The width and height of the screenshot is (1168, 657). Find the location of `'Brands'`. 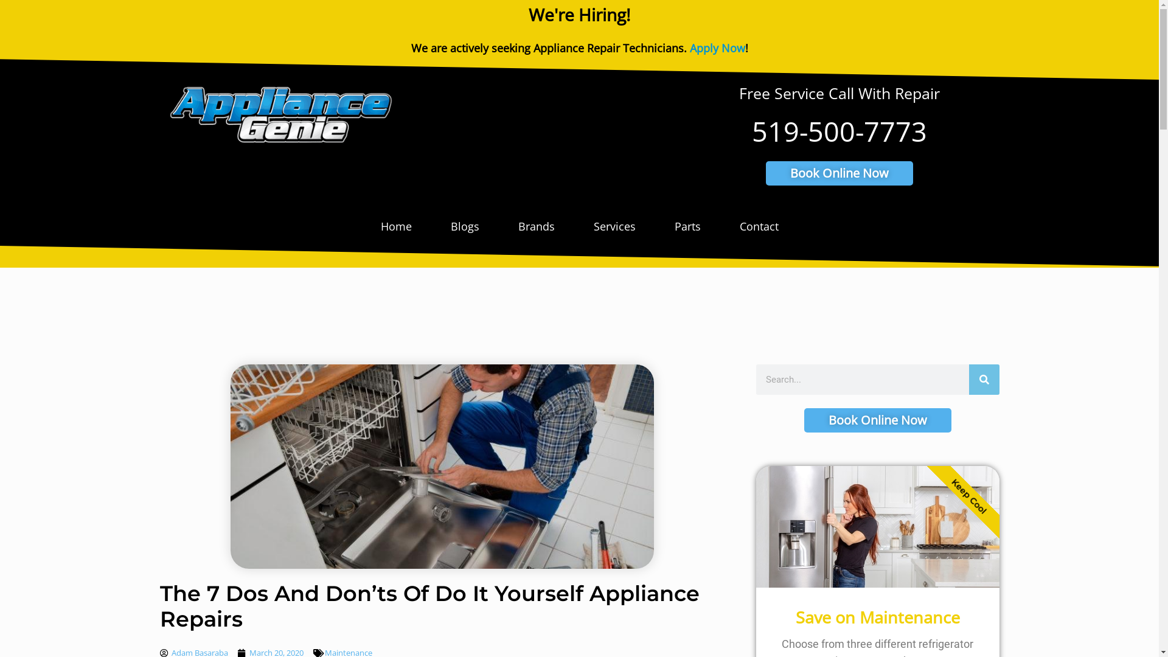

'Brands' is located at coordinates (536, 226).